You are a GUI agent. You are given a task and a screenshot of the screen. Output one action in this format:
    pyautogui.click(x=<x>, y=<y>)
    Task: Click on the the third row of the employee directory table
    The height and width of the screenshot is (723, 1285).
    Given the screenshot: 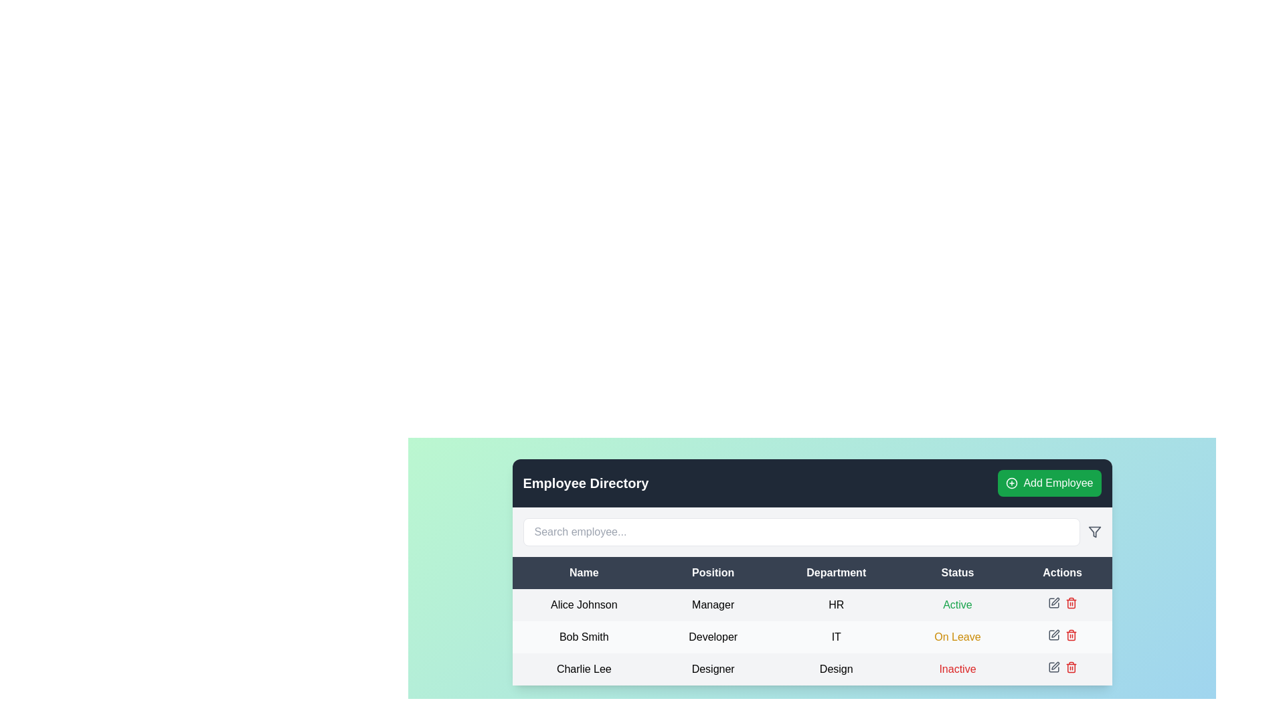 What is the action you would take?
    pyautogui.click(x=811, y=669)
    